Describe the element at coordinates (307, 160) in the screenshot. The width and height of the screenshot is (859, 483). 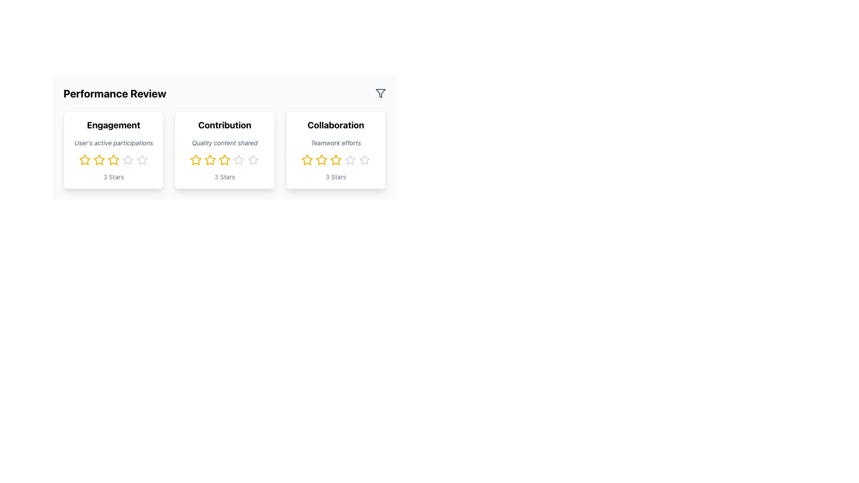
I see `the first star icon in the 5-star rating system for the 'Collaboration' category` at that location.